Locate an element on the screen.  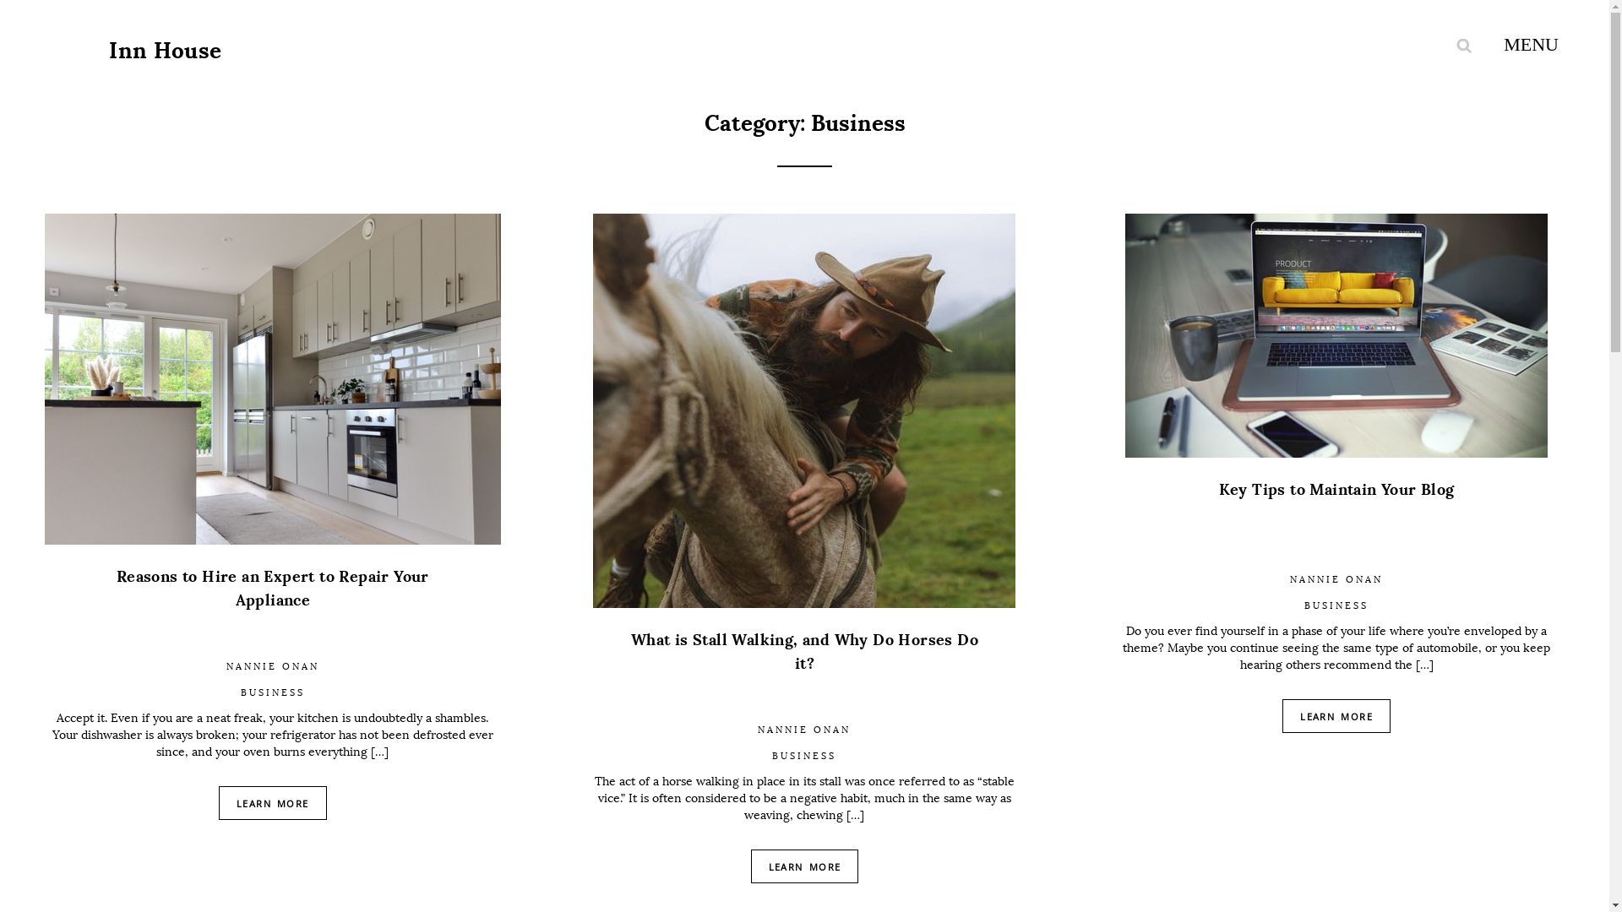
'LEARN MORE' is located at coordinates (804, 866).